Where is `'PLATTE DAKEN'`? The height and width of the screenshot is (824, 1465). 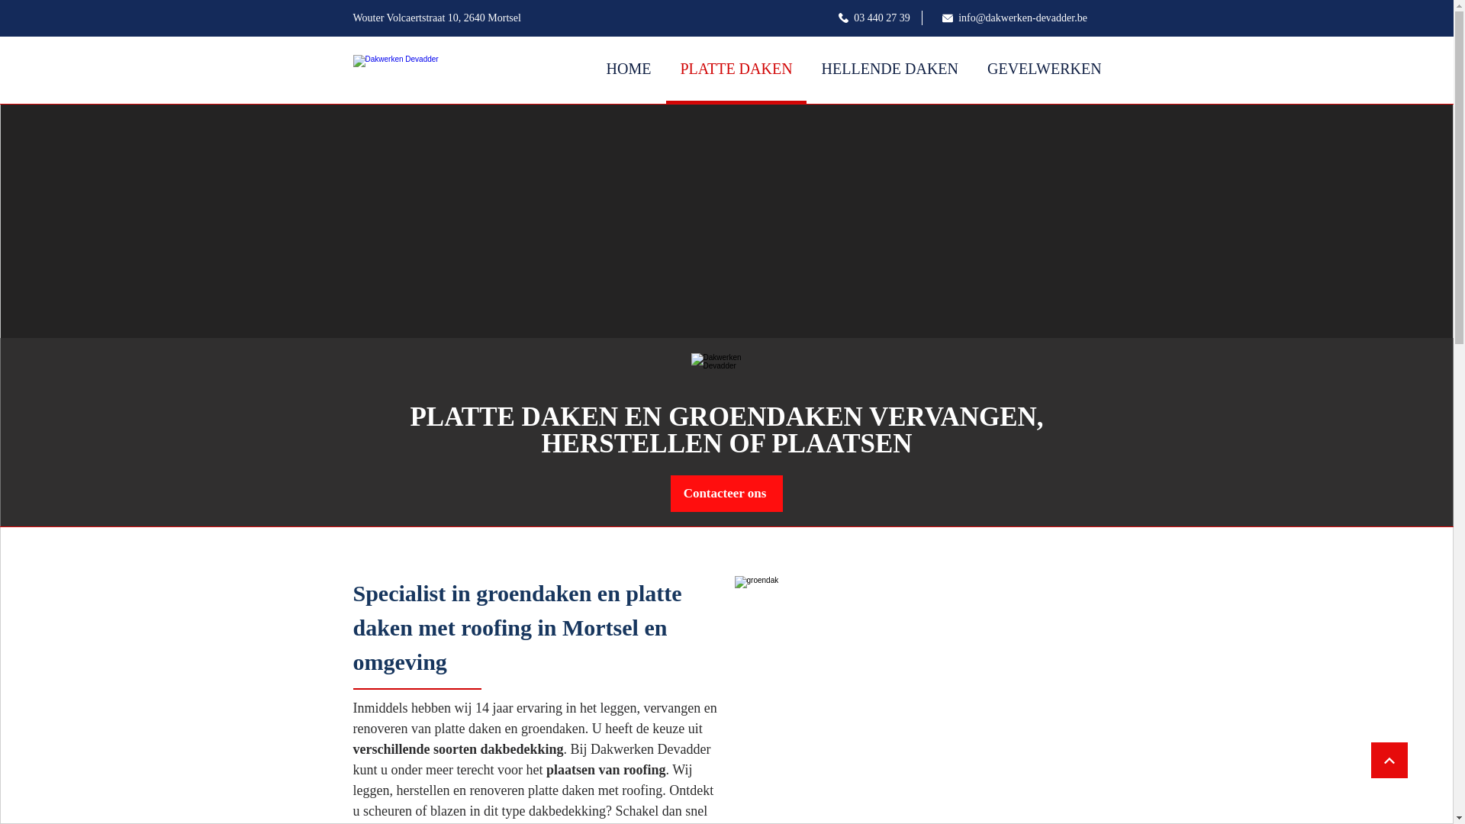
'PLATTE DAKEN' is located at coordinates (736, 70).